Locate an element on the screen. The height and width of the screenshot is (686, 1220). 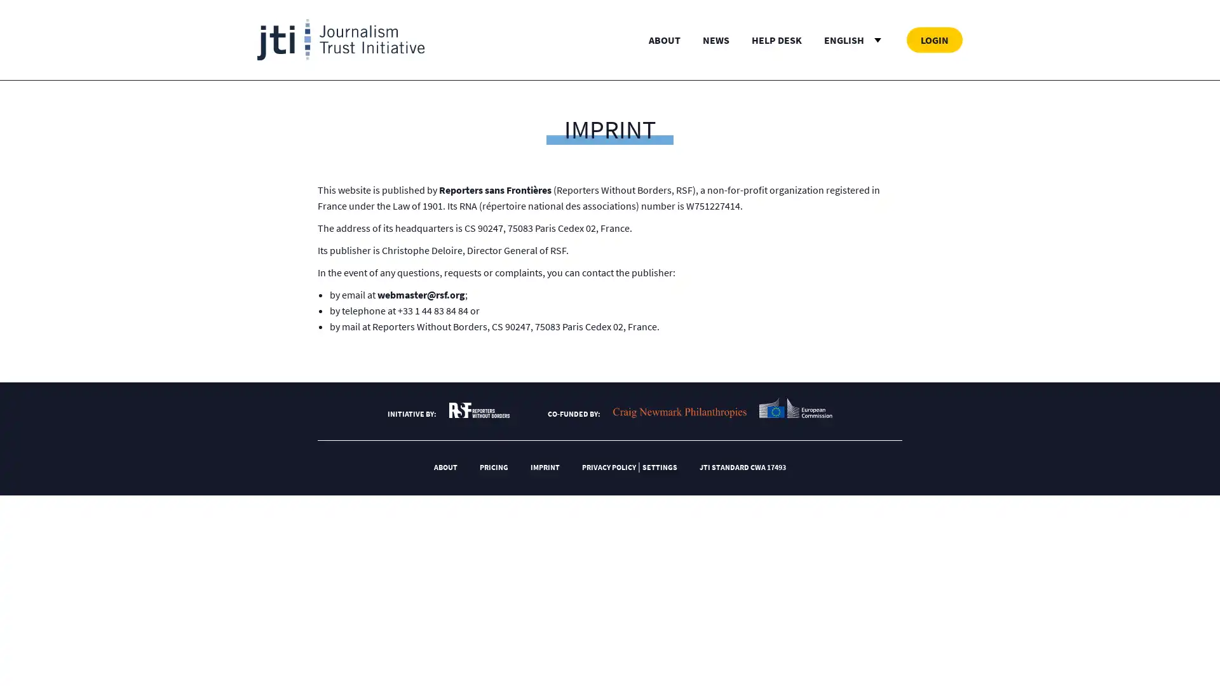
Deny is located at coordinates (609, 415).